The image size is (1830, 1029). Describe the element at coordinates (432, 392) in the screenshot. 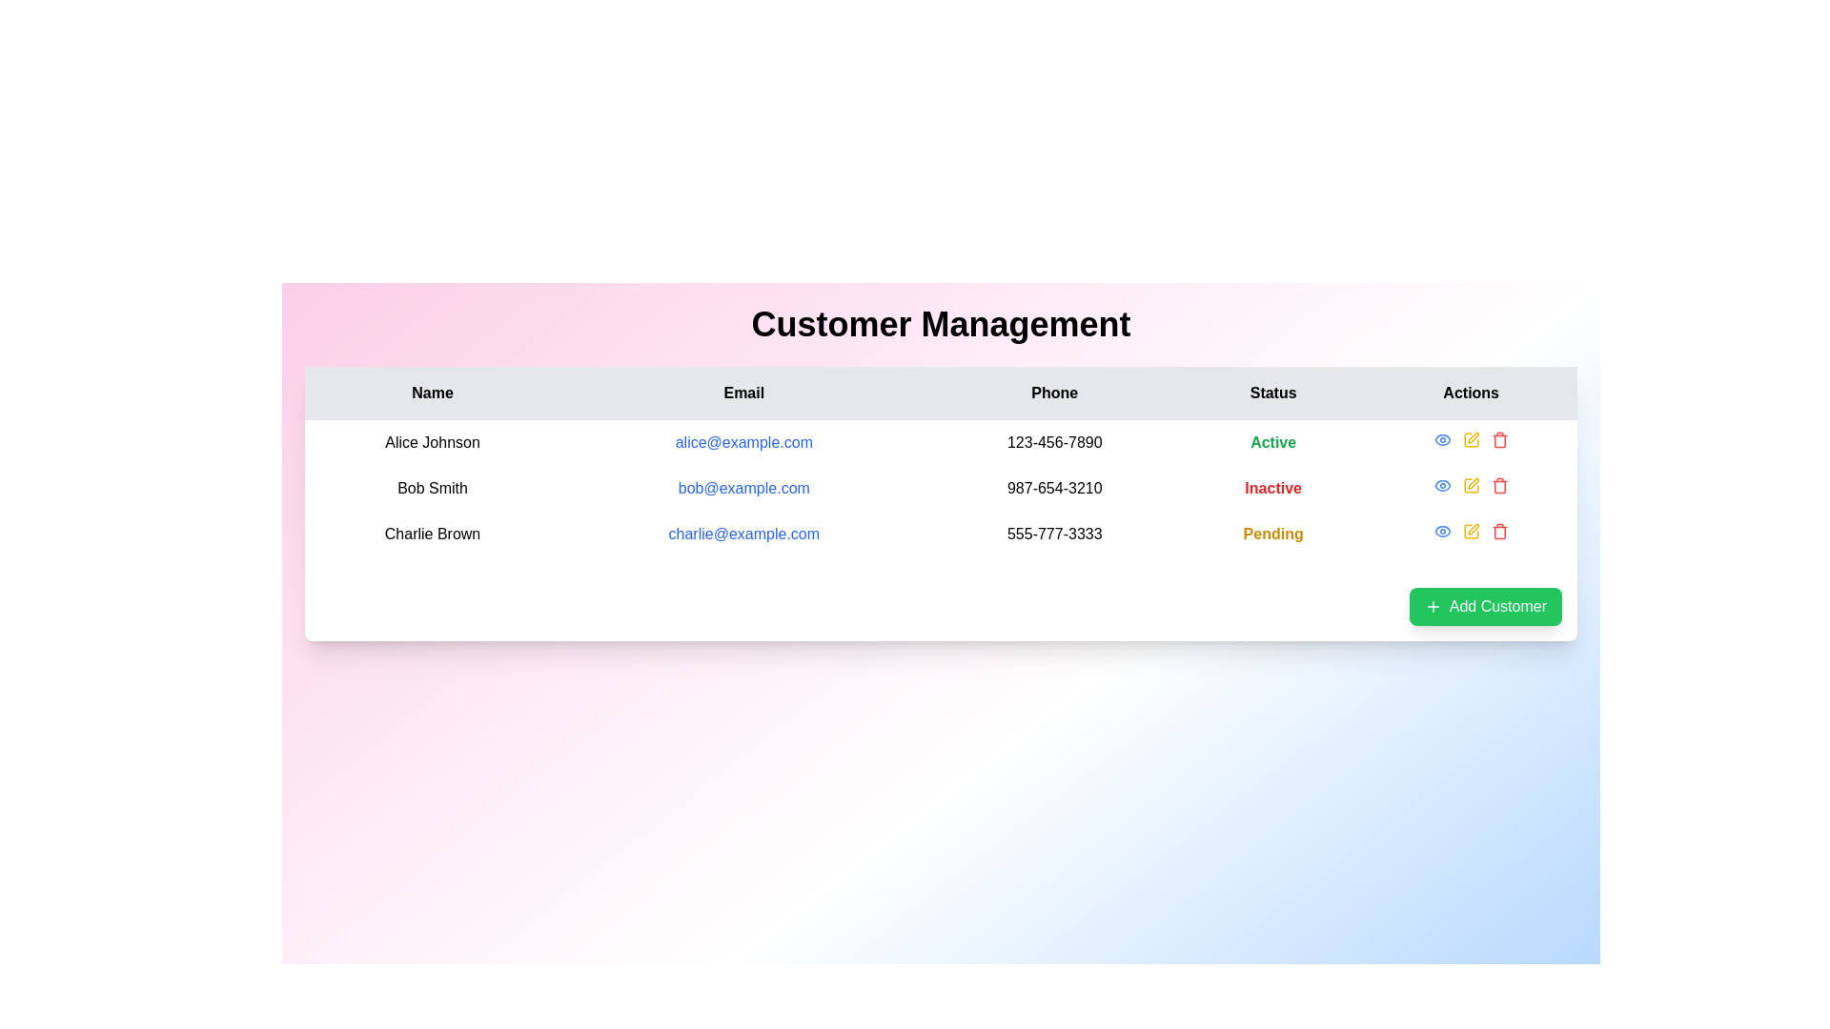

I see `the Table Header Cell for user names, which is the first header in the row, to facilitate interaction with adjacent elements titled 'Email', 'Phone', 'Status', and 'Actions'` at that location.